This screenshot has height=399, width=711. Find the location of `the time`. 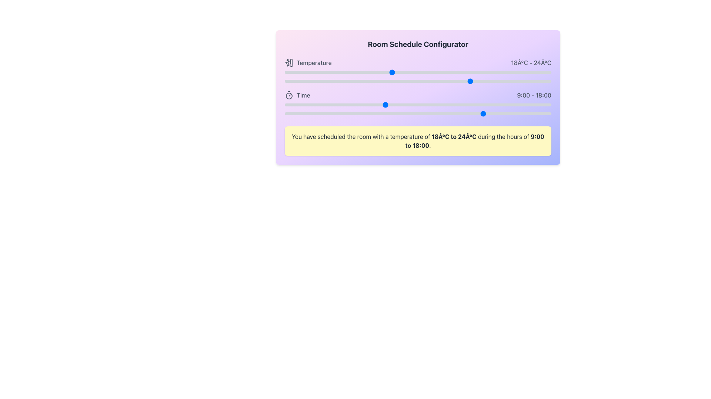

the time is located at coordinates (496, 105).